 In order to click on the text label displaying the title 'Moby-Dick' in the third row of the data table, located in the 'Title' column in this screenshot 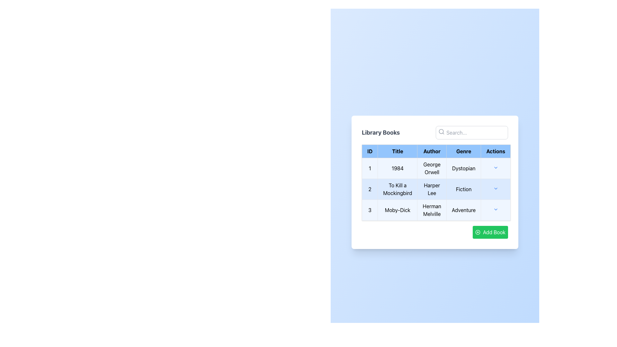, I will do `click(397, 210)`.